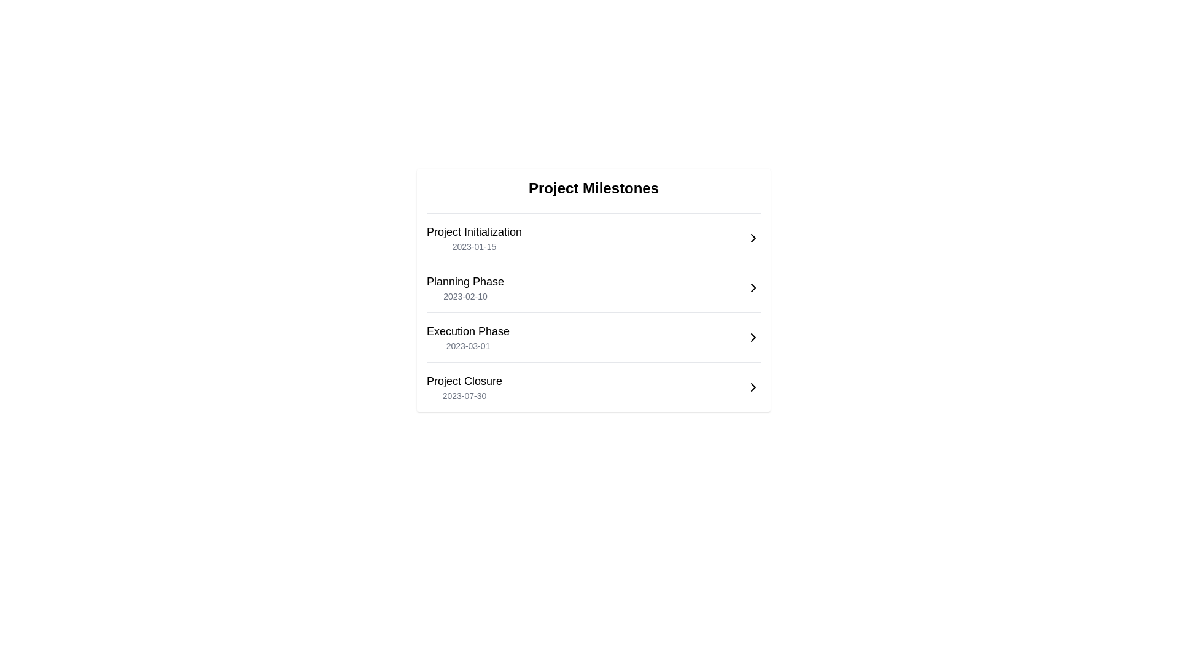 This screenshot has width=1179, height=663. Describe the element at coordinates (464, 381) in the screenshot. I see `text label displaying 'Project Closure' located in the fourth row of the 'Project Milestones' list` at that location.